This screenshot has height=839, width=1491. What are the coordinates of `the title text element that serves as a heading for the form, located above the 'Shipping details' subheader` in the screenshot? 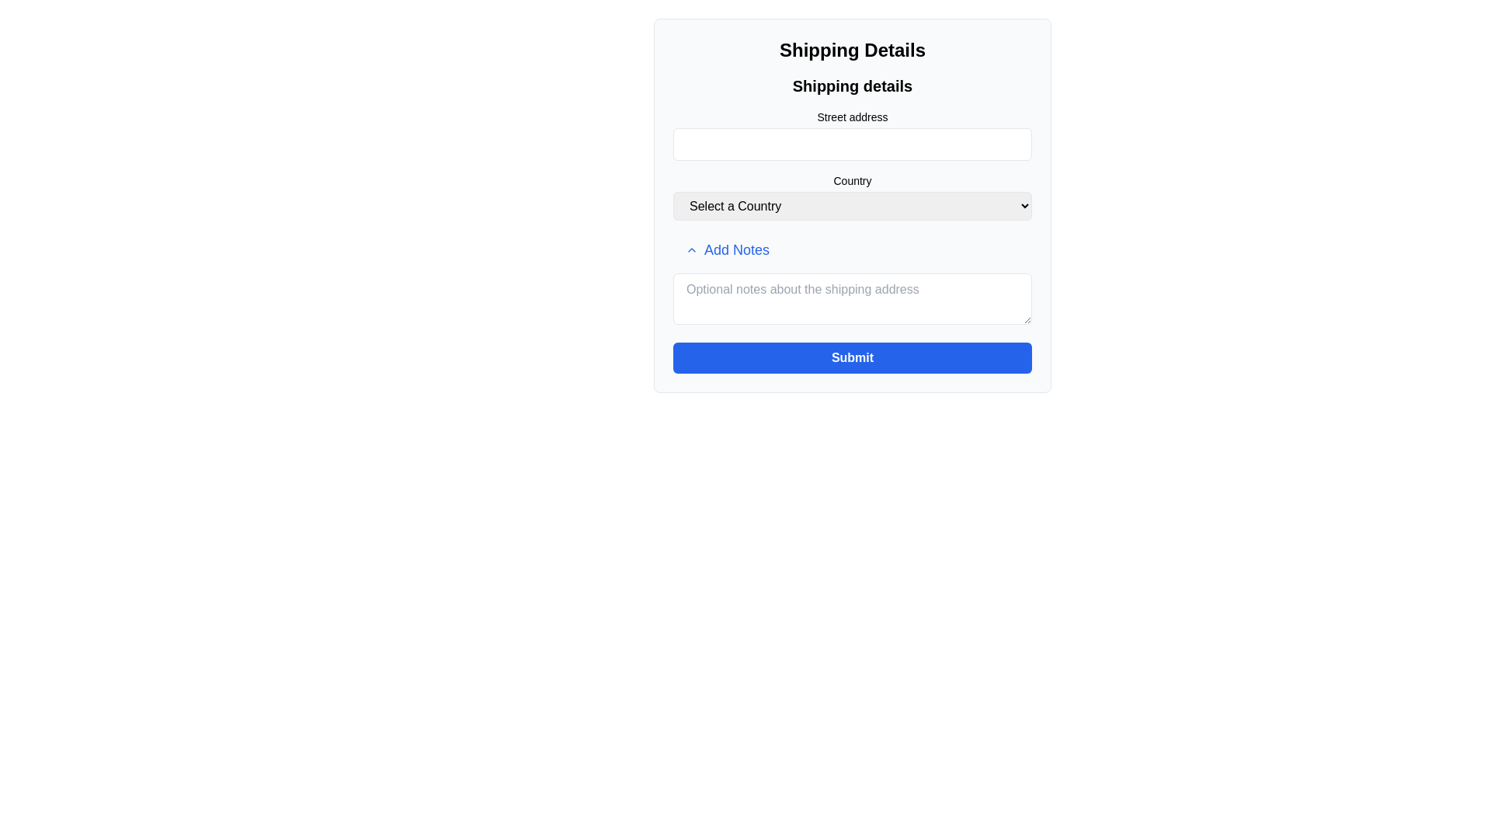 It's located at (852, 50).